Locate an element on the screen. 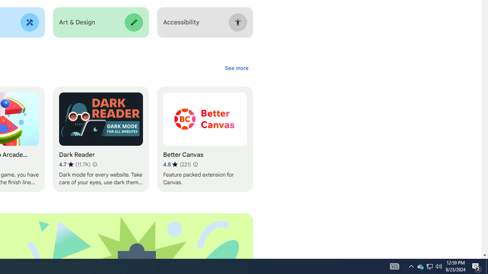 This screenshot has height=274, width=488. 'Average rating 4.8 out of 5 stars. 221 ratings.' is located at coordinates (177, 164).